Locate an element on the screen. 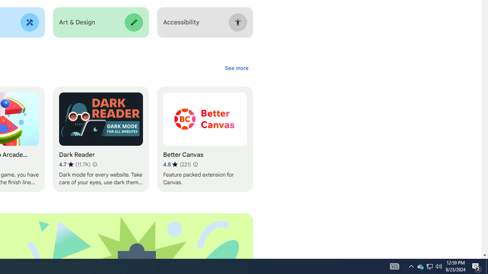 This screenshot has height=274, width=488. 'Average rating 4.8 out of 5 stars. 221 ratings.' is located at coordinates (177, 164).